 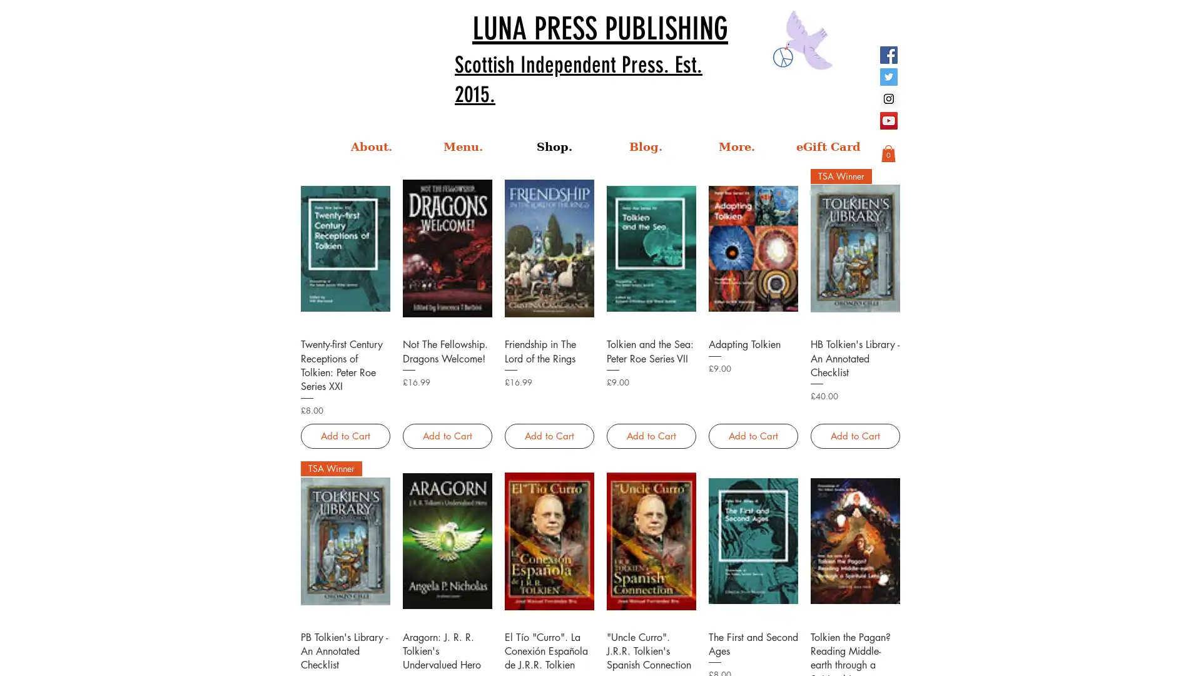 I want to click on Quick View, so click(x=549, y=635).